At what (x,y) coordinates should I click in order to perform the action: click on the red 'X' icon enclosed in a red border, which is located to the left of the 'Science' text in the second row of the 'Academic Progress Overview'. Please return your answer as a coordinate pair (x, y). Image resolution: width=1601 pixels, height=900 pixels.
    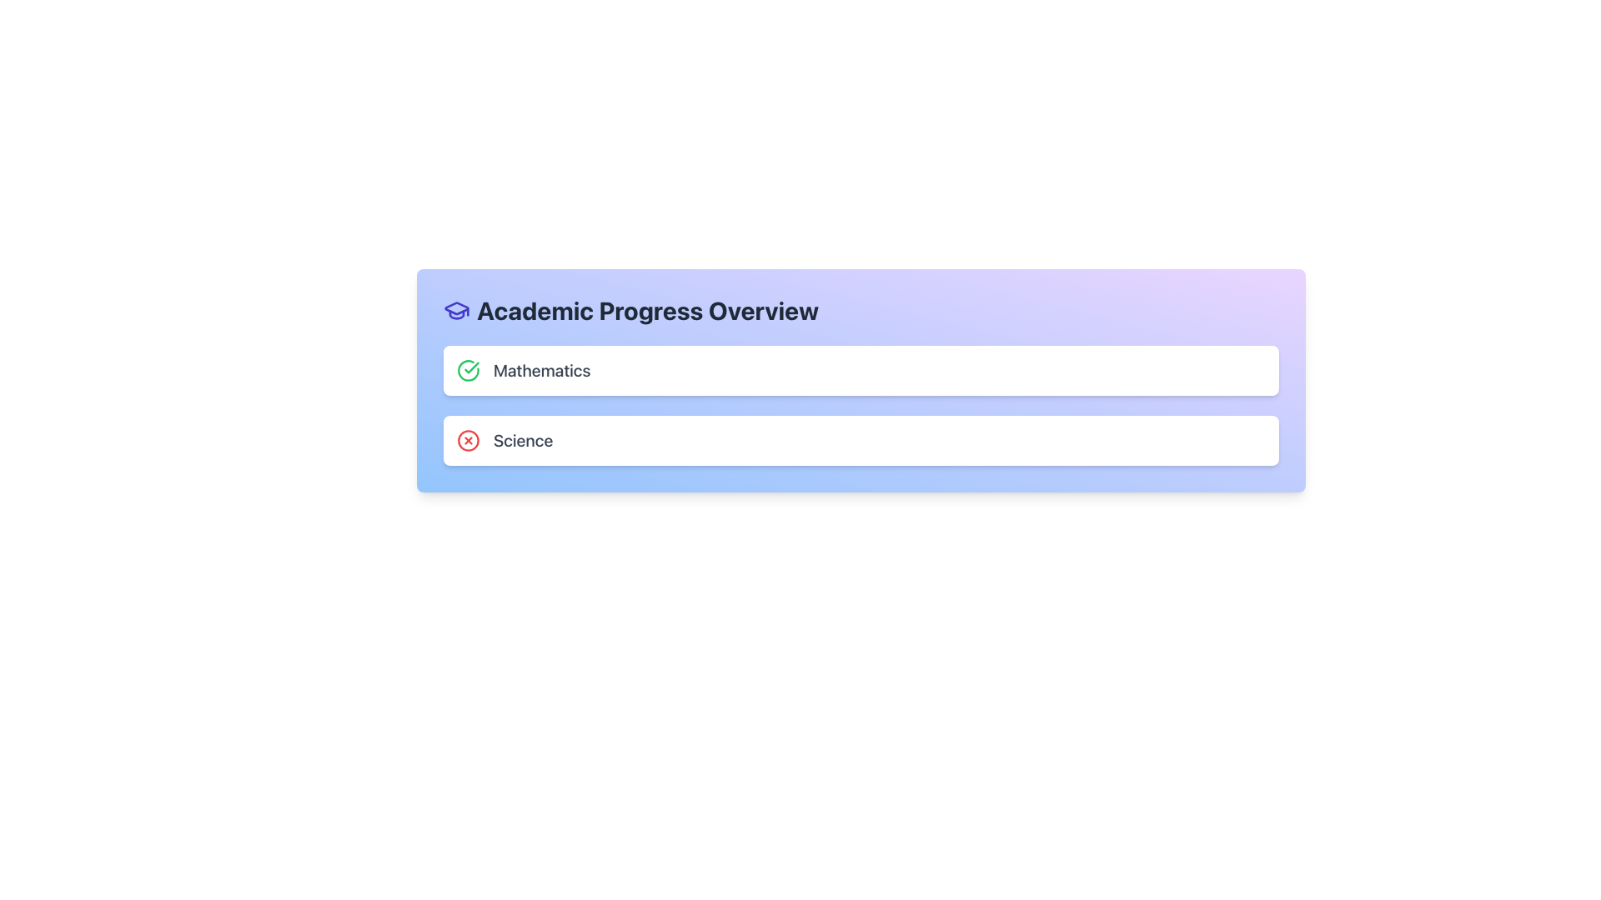
    Looking at the image, I should click on (467, 439).